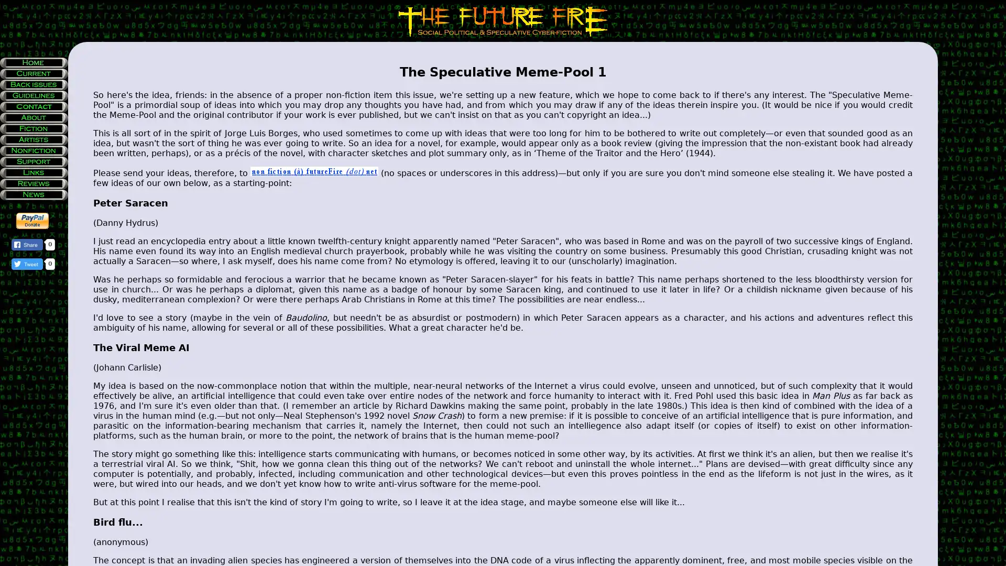  What do you see at coordinates (32, 220) in the screenshot?
I see `Make payments with PayPal - it's fast, free and secure!` at bounding box center [32, 220].